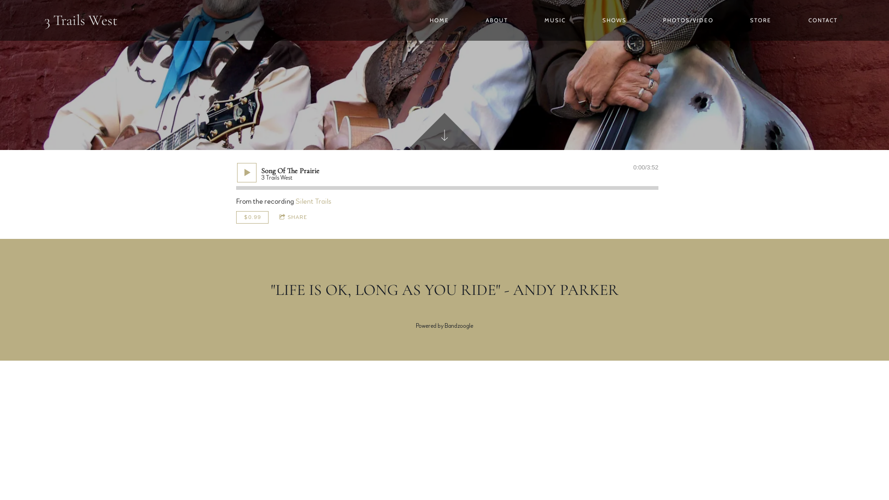  I want to click on 'HOME', so click(438, 20).